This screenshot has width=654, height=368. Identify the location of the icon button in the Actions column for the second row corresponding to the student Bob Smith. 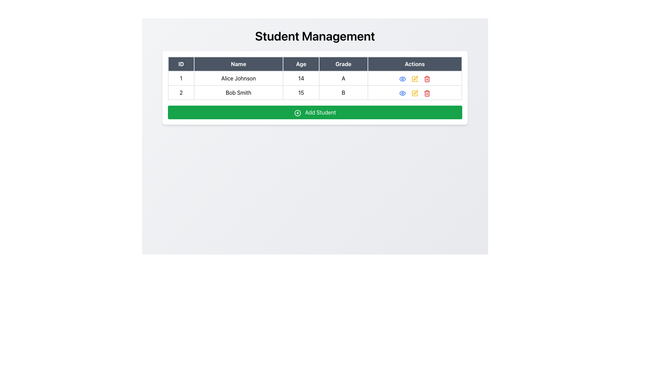
(402, 93).